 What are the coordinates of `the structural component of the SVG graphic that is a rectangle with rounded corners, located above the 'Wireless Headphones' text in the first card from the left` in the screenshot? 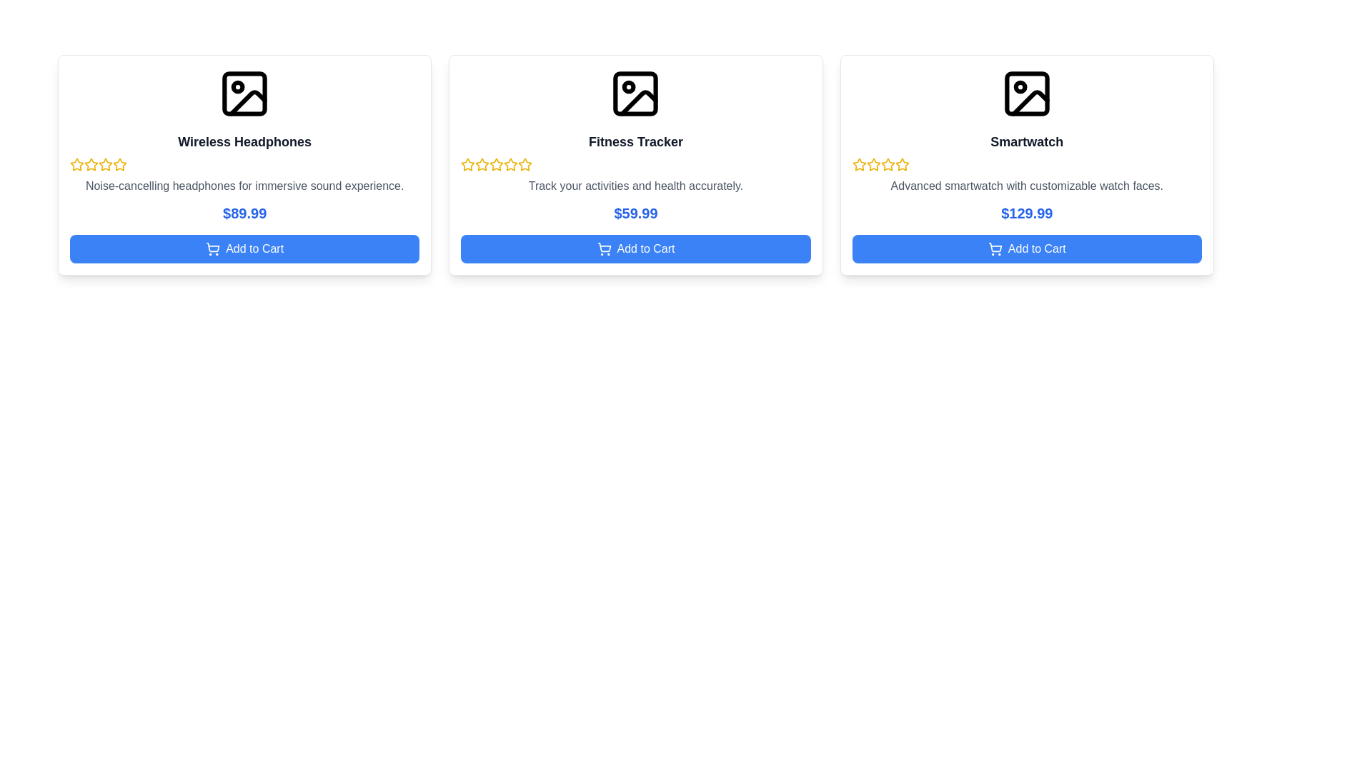 It's located at (244, 94).